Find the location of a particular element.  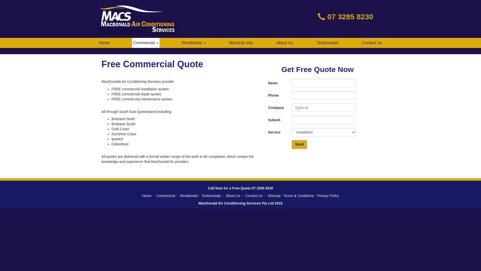

'Contact Us' is located at coordinates (372, 42).